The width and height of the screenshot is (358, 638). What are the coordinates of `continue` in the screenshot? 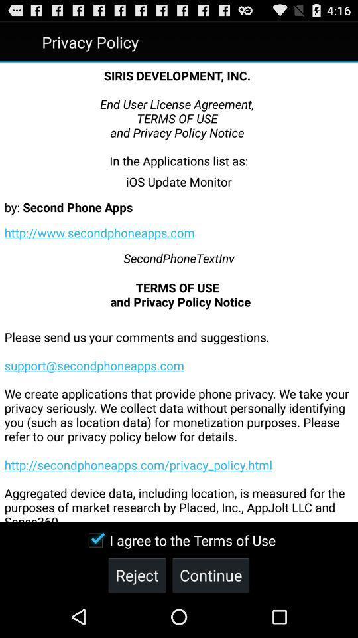 It's located at (211, 574).